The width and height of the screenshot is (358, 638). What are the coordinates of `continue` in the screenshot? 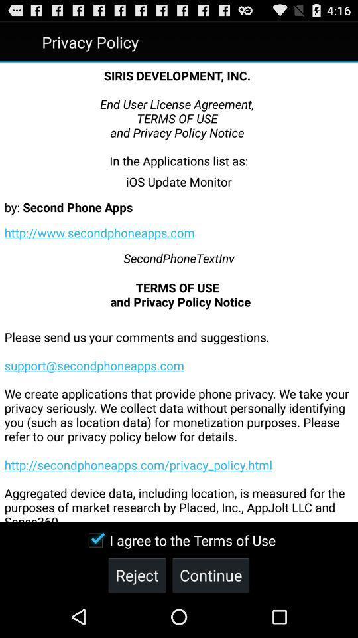 It's located at (211, 574).